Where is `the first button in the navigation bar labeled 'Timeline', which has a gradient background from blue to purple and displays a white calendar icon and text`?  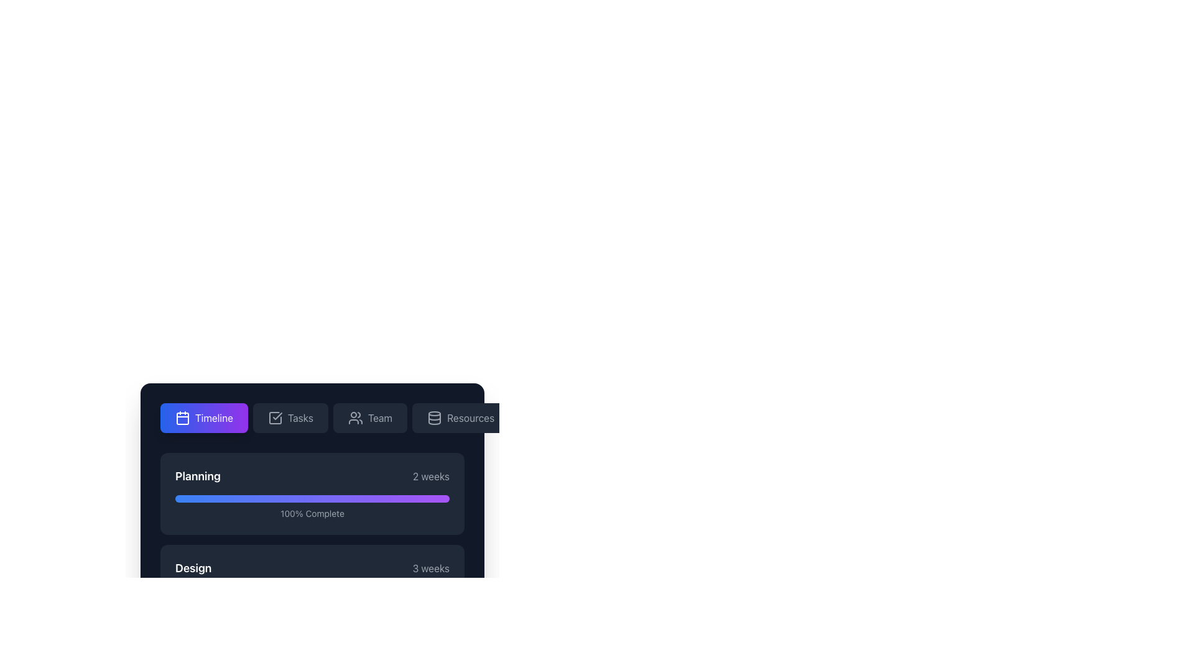
the first button in the navigation bar labeled 'Timeline', which has a gradient background from blue to purple and displays a white calendar icon and text is located at coordinates (204, 418).